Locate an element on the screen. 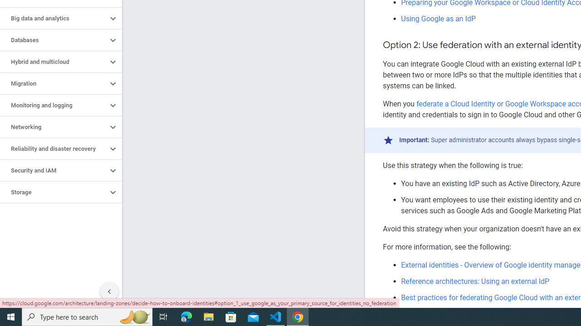 The image size is (581, 326). 'Reference architectures: Using an external IdP' is located at coordinates (475, 281).